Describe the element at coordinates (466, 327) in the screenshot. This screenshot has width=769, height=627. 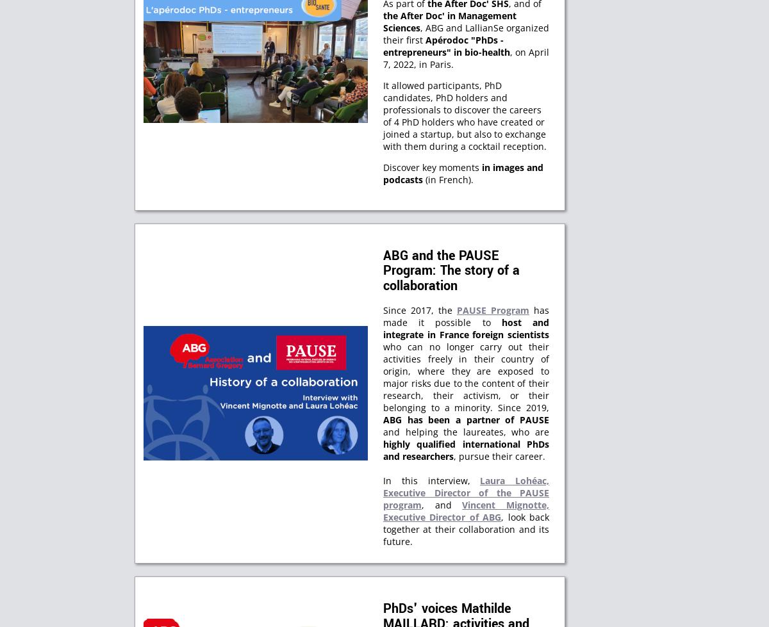
I see `'host and integrate in France foreign scientists'` at that location.